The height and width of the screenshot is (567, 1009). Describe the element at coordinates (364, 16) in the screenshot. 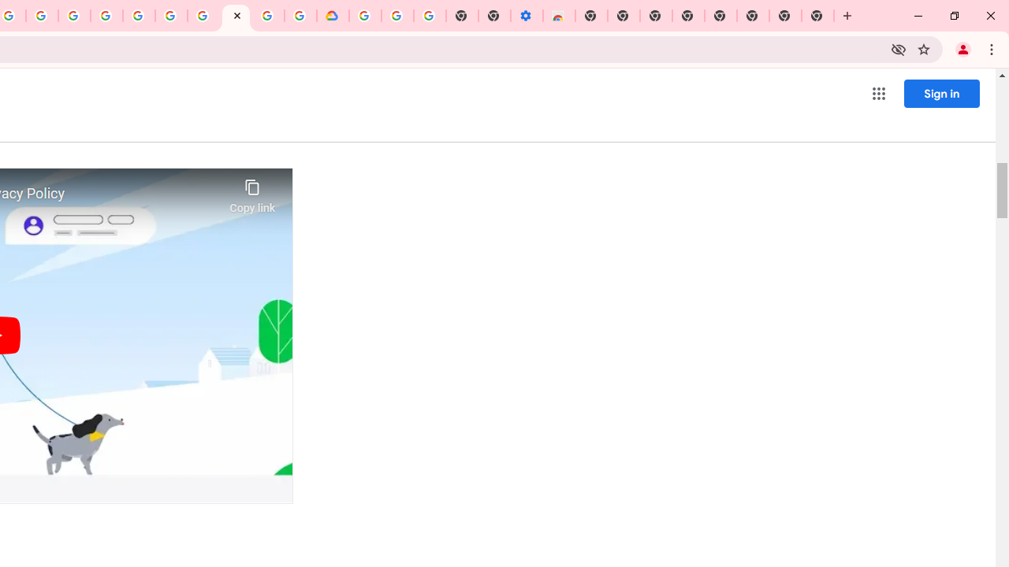

I see `'Sign in - Google Accounts'` at that location.